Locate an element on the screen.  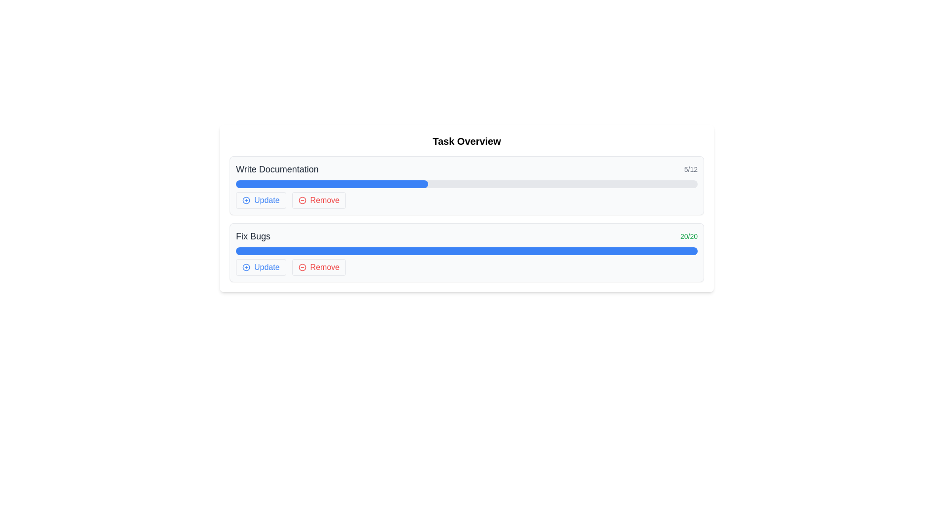
the progress bar located in the lower task card, which visually represents the task completion status and is positioned centrally below the 'Fix Bugs' text is located at coordinates (466, 250).